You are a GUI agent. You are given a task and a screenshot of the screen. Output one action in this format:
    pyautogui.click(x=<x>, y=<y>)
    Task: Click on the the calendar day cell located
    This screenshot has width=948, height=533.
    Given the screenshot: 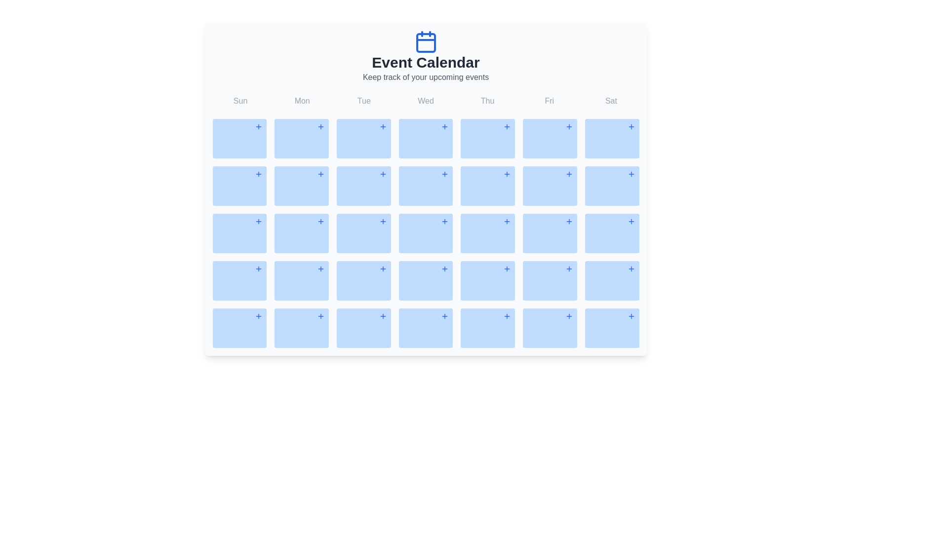 What is the action you would take?
    pyautogui.click(x=549, y=281)
    